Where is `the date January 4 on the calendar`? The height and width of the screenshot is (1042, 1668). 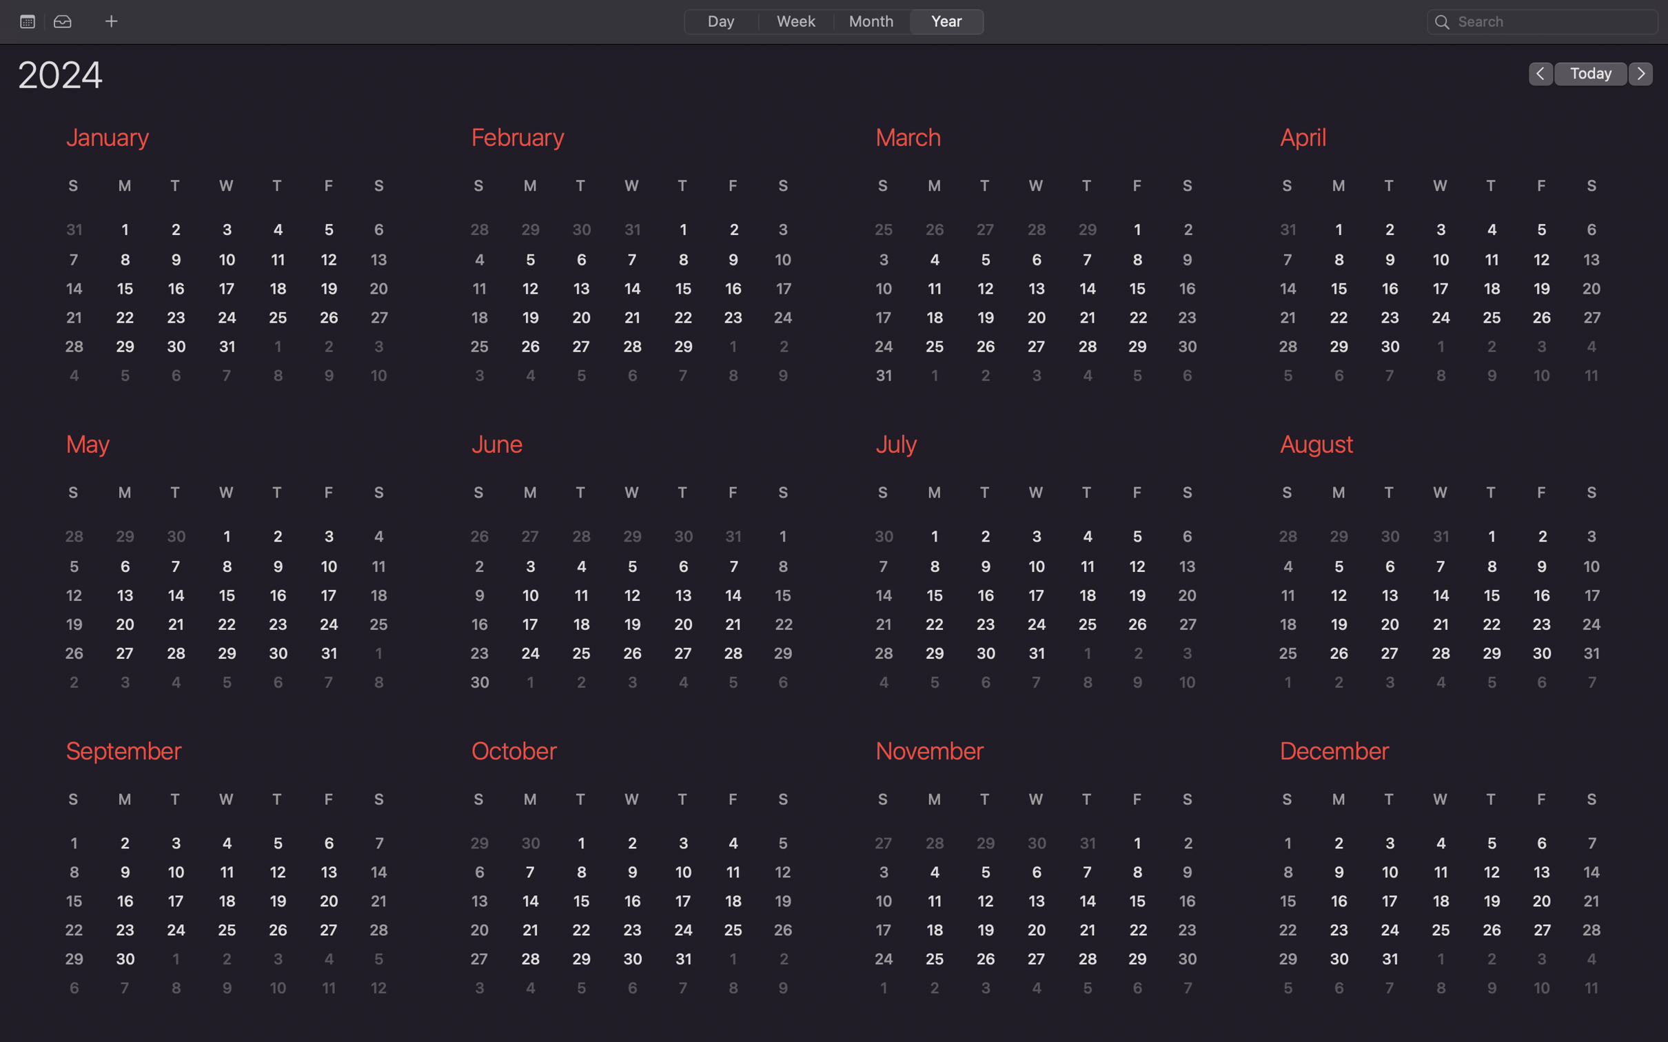 the date January 4 on the calendar is located at coordinates (277, 229).